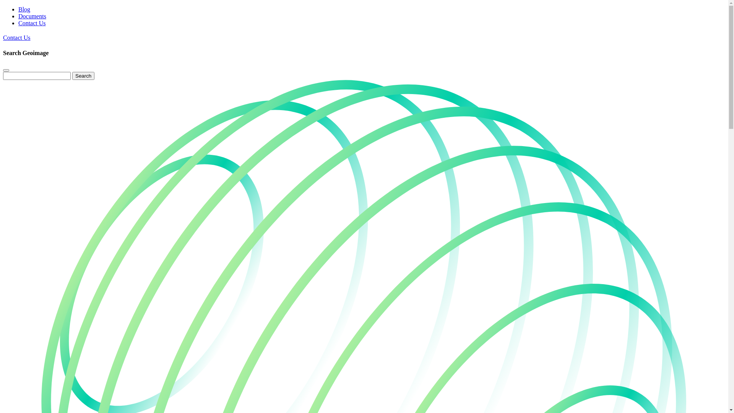 Image resolution: width=734 pixels, height=413 pixels. What do you see at coordinates (83, 76) in the screenshot?
I see `'Search'` at bounding box center [83, 76].